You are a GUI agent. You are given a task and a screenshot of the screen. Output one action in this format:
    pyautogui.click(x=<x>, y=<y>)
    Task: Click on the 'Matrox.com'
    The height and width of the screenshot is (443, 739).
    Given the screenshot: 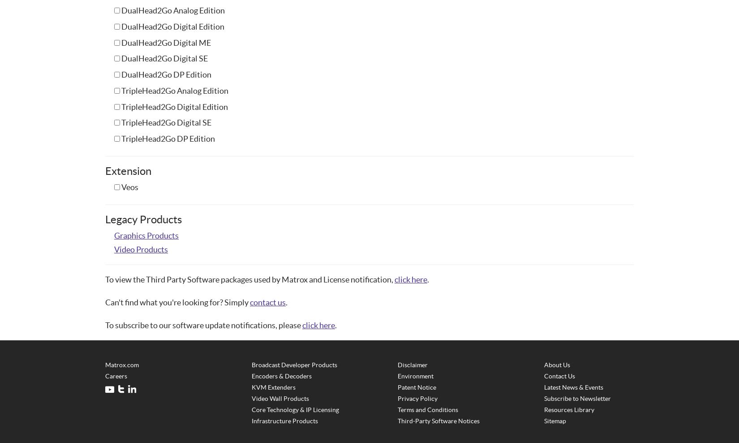 What is the action you would take?
    pyautogui.click(x=122, y=365)
    